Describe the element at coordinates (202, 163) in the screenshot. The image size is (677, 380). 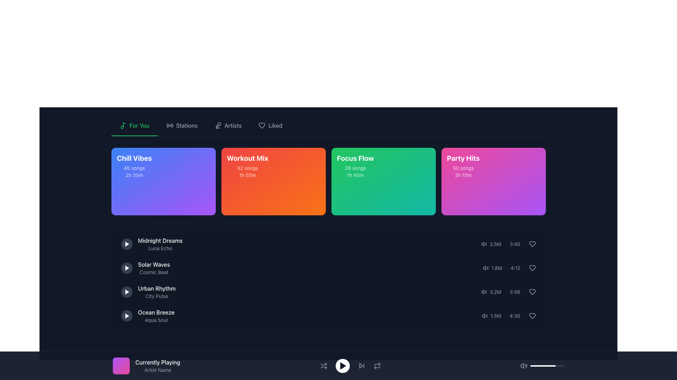
I see `the play button located at the upper-right corner of the 'Chill Vibes' card to initiate playback of the playlist` at that location.